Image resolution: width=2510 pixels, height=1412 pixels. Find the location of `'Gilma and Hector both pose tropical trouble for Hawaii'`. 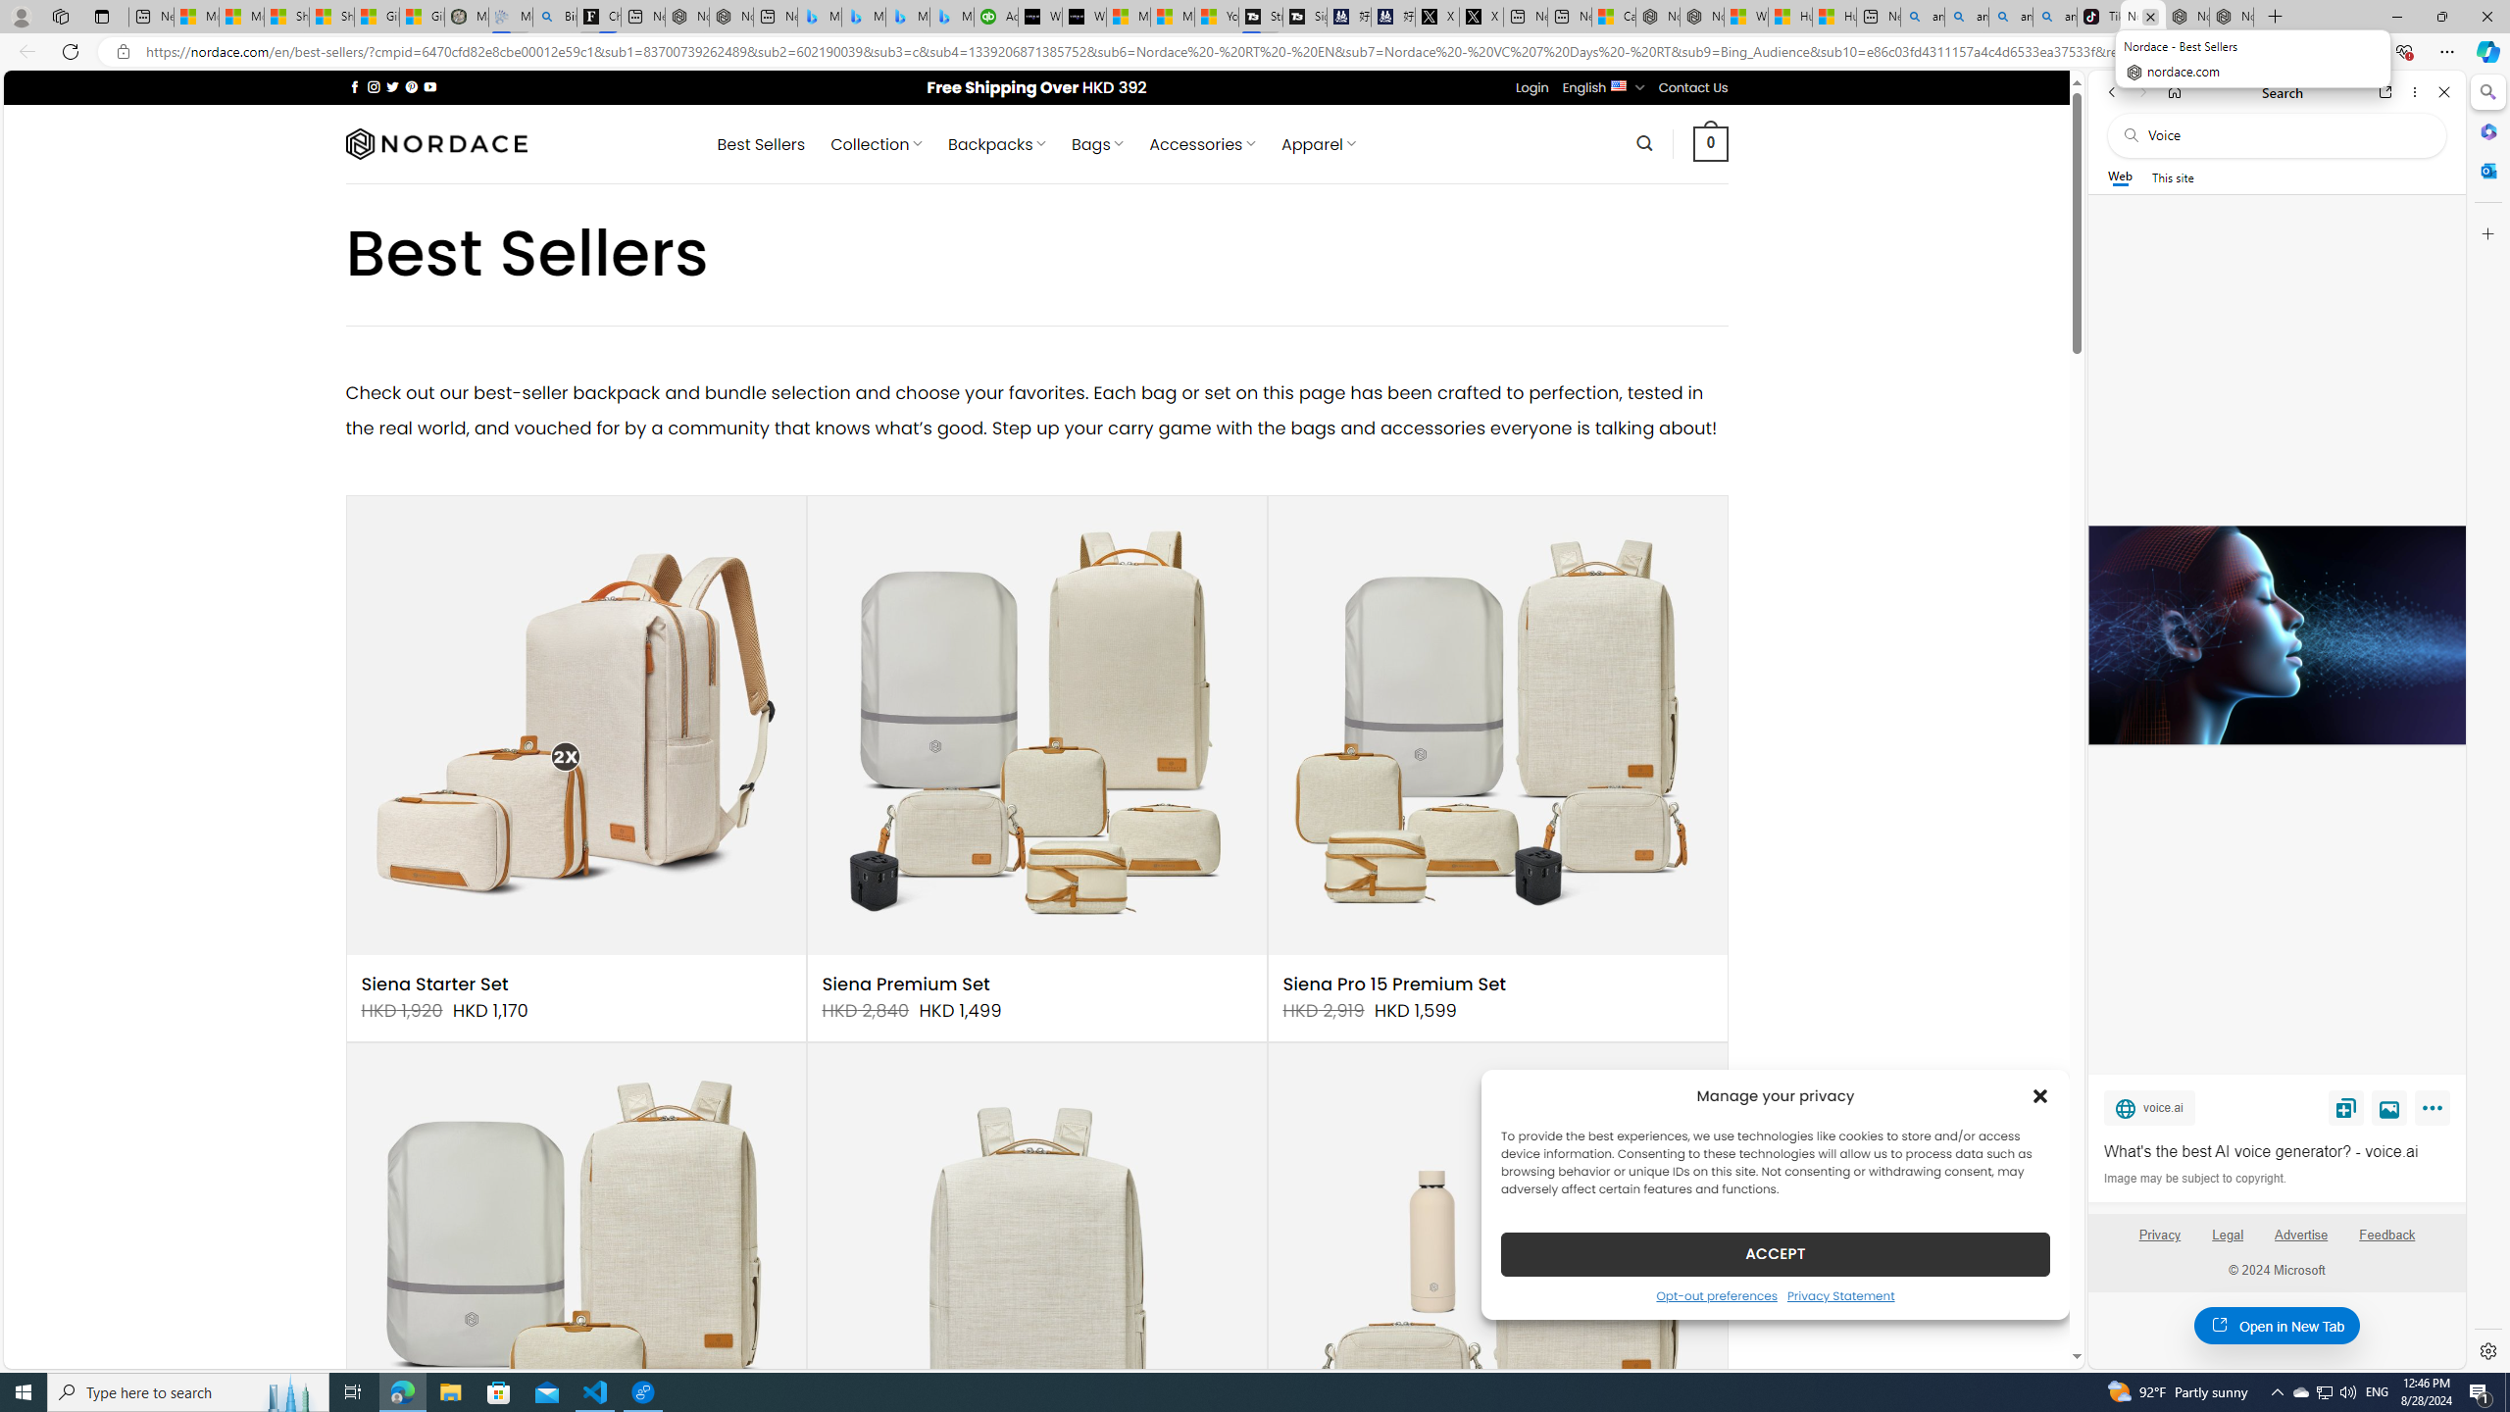

'Gilma and Hector both pose tropical trouble for Hawaii' is located at coordinates (421, 16).